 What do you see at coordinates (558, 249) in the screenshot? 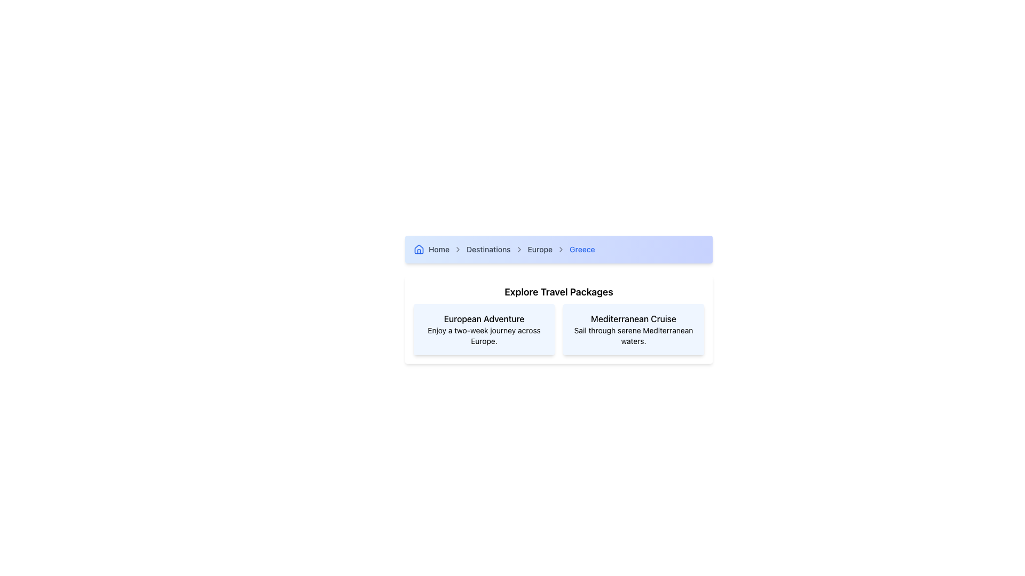
I see `the 'Greece' step in the breadcrumb navigation bar, which is the last element styled with a gradient background and emphasized in blue` at bounding box center [558, 249].